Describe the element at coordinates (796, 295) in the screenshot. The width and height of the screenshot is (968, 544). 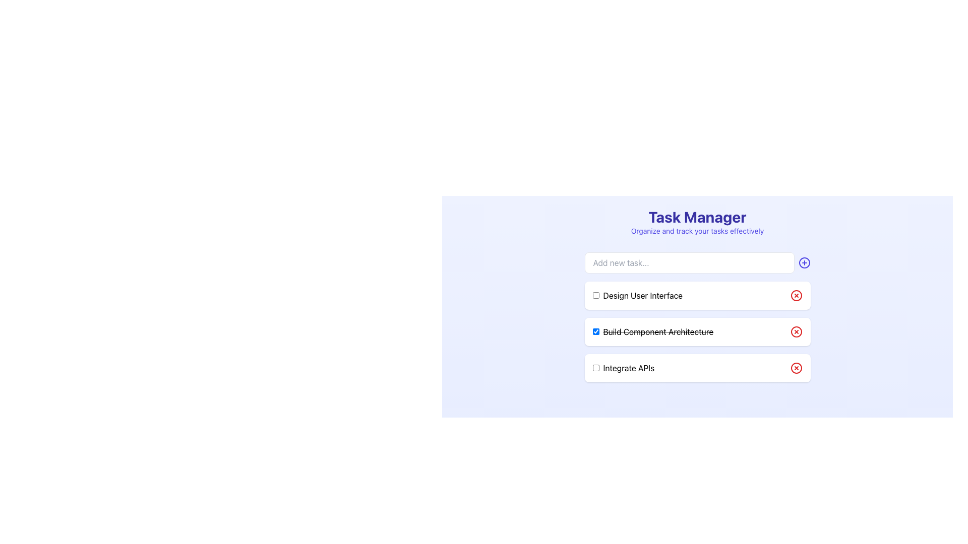
I see `the delete button located at the far-right side of the task item labeled 'Design User Interface'` at that location.